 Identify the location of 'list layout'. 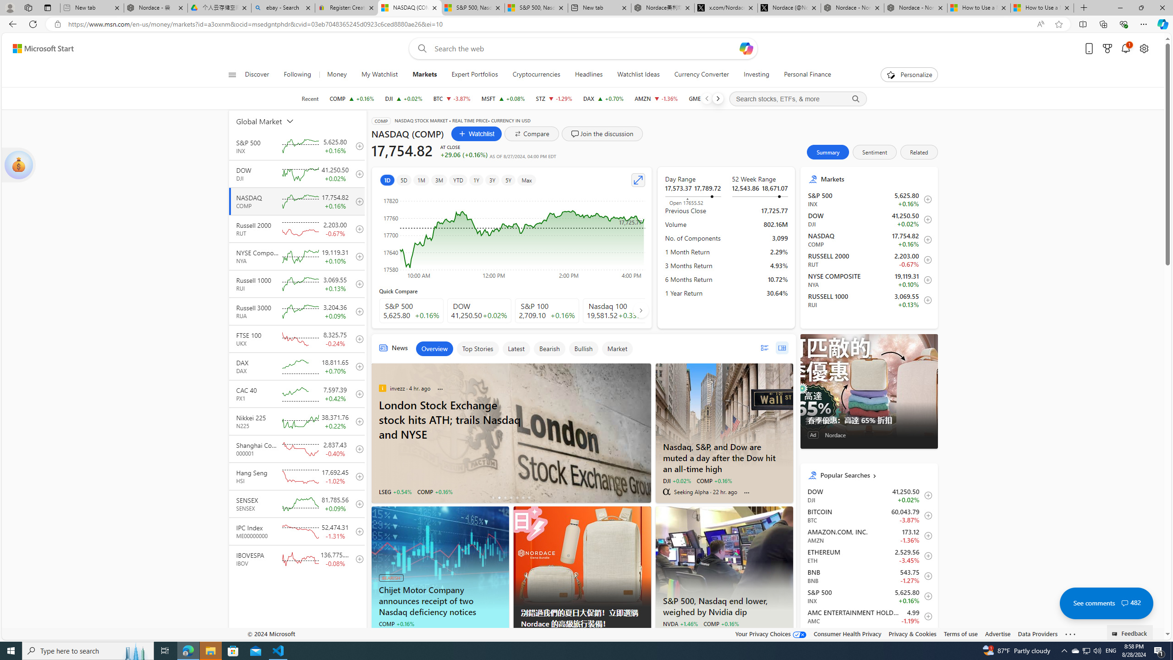
(764, 347).